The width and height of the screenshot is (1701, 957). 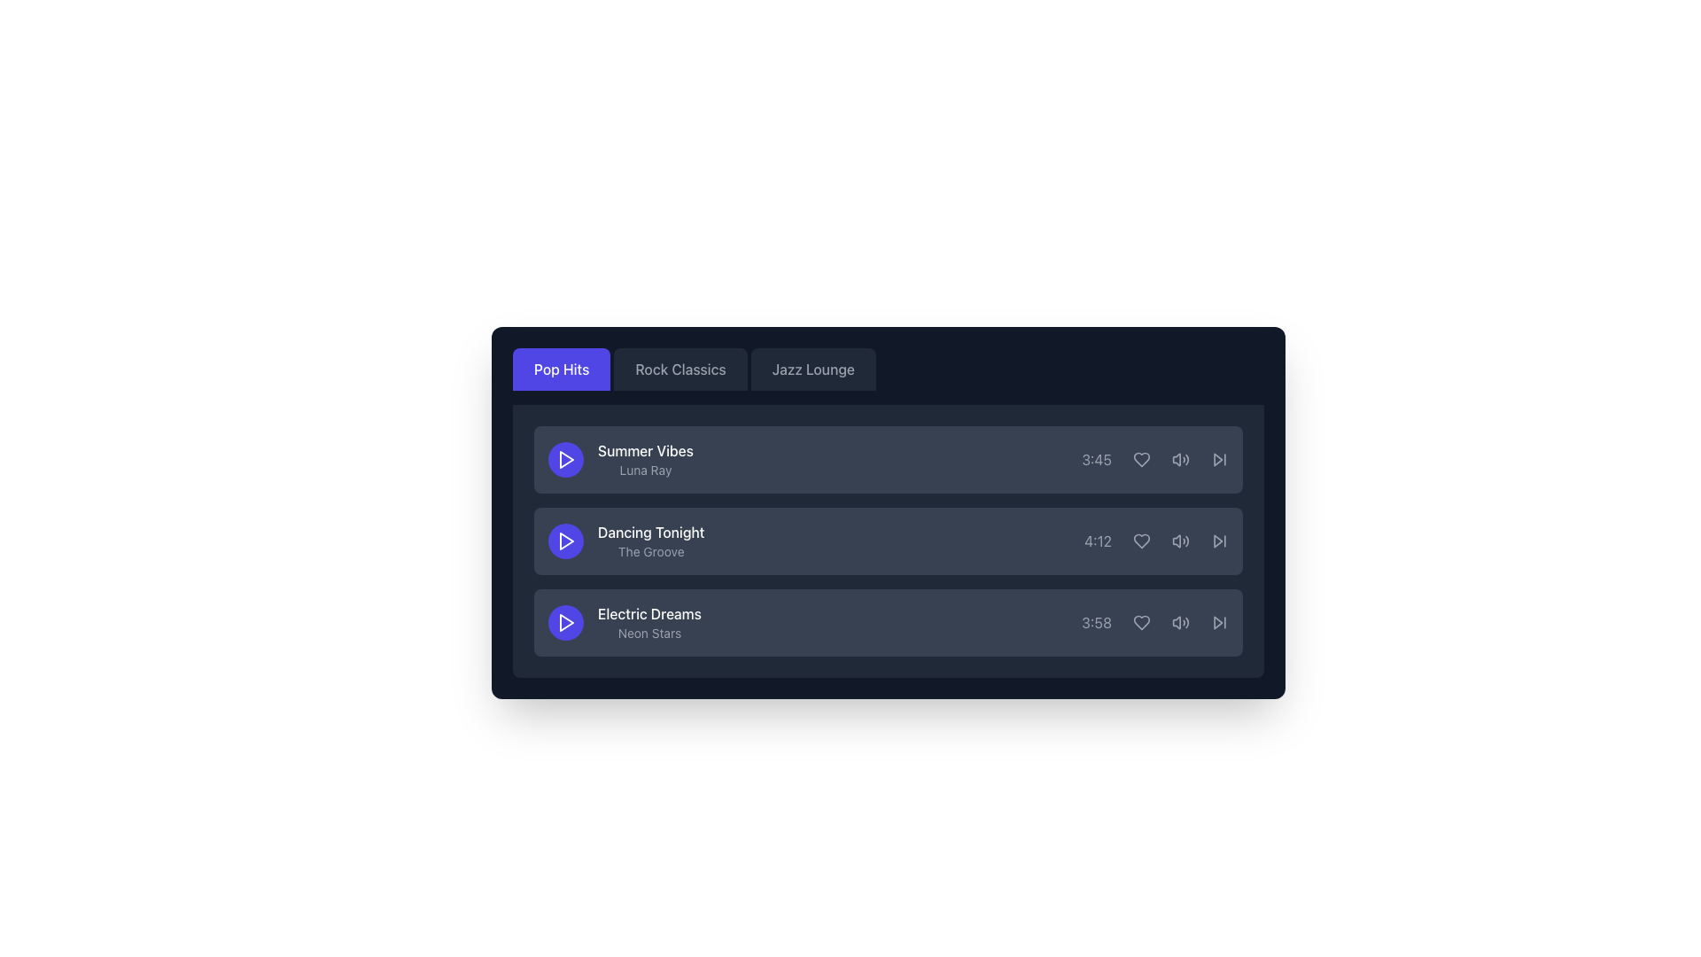 What do you see at coordinates (1142, 540) in the screenshot?
I see `the heart-shaped icon button located to the right of the duration text '4:12' for the song 'Dancing Tonight' by 'The Groove'` at bounding box center [1142, 540].